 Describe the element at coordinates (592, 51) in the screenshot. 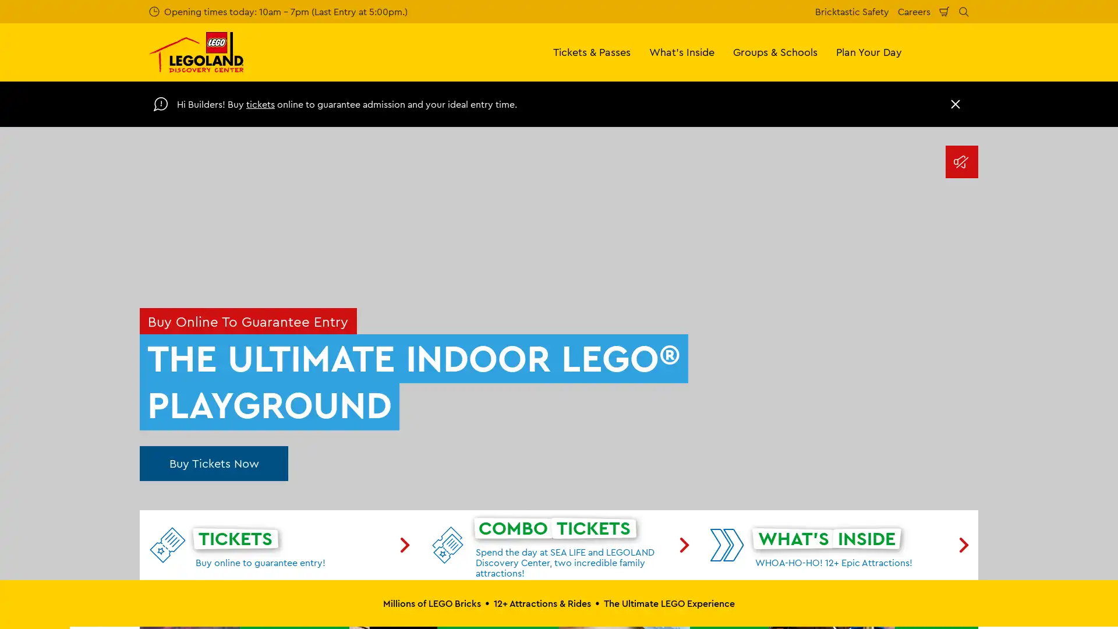

I see `Tickets & Passes` at that location.